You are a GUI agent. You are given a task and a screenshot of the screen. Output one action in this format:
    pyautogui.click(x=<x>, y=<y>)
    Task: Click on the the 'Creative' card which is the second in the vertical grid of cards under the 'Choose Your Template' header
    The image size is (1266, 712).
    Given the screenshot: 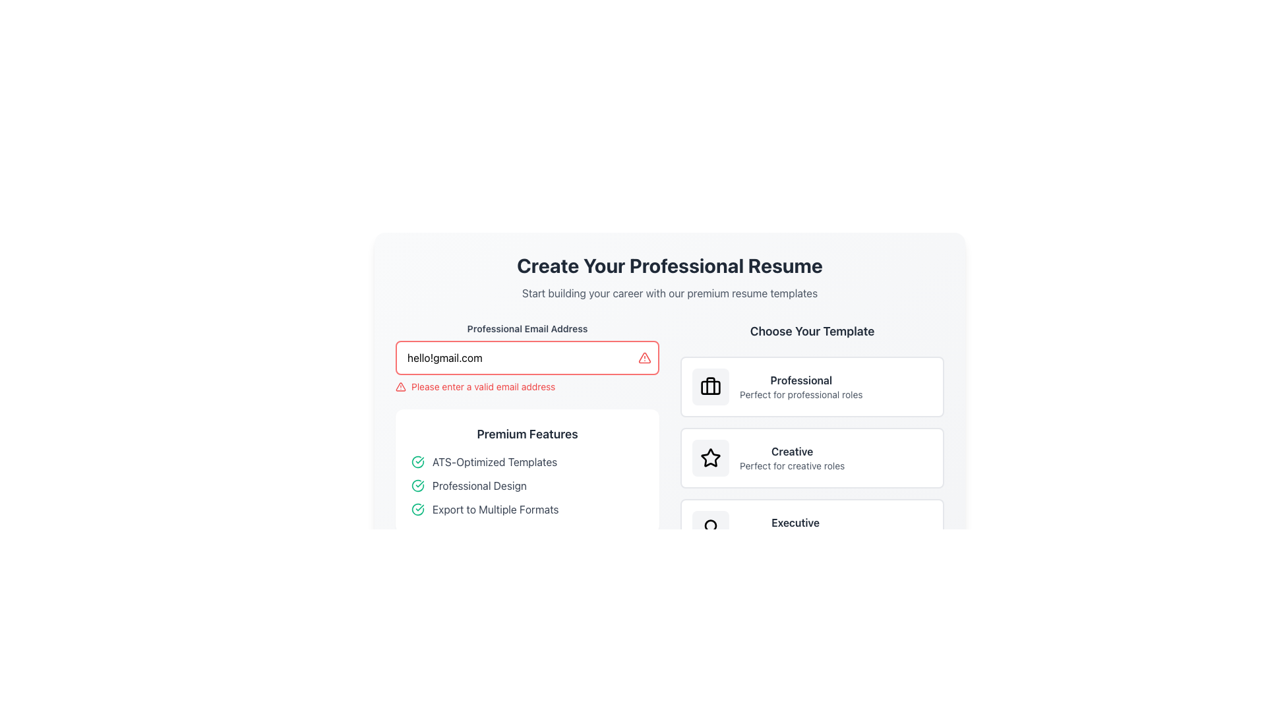 What is the action you would take?
    pyautogui.click(x=812, y=457)
    